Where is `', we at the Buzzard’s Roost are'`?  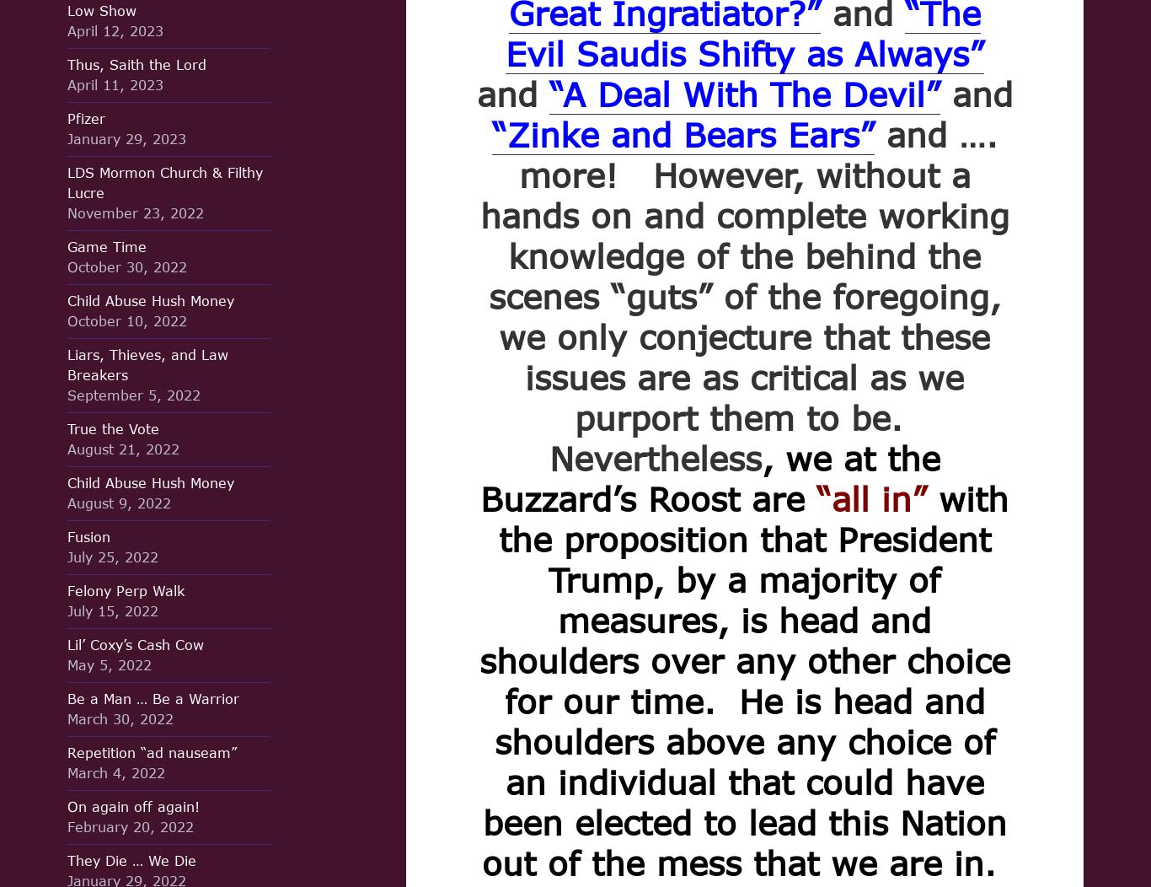
', we at the Buzzard’s Roost are' is located at coordinates (709, 478).